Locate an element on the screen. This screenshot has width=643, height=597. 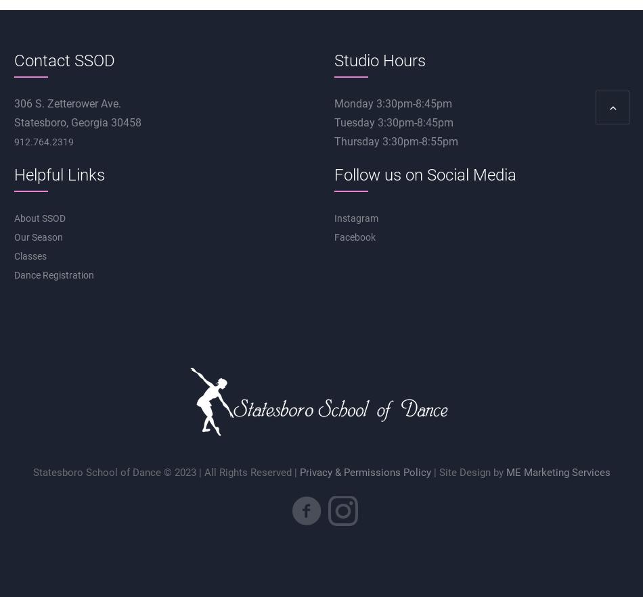
'Classes' is located at coordinates (29, 255).